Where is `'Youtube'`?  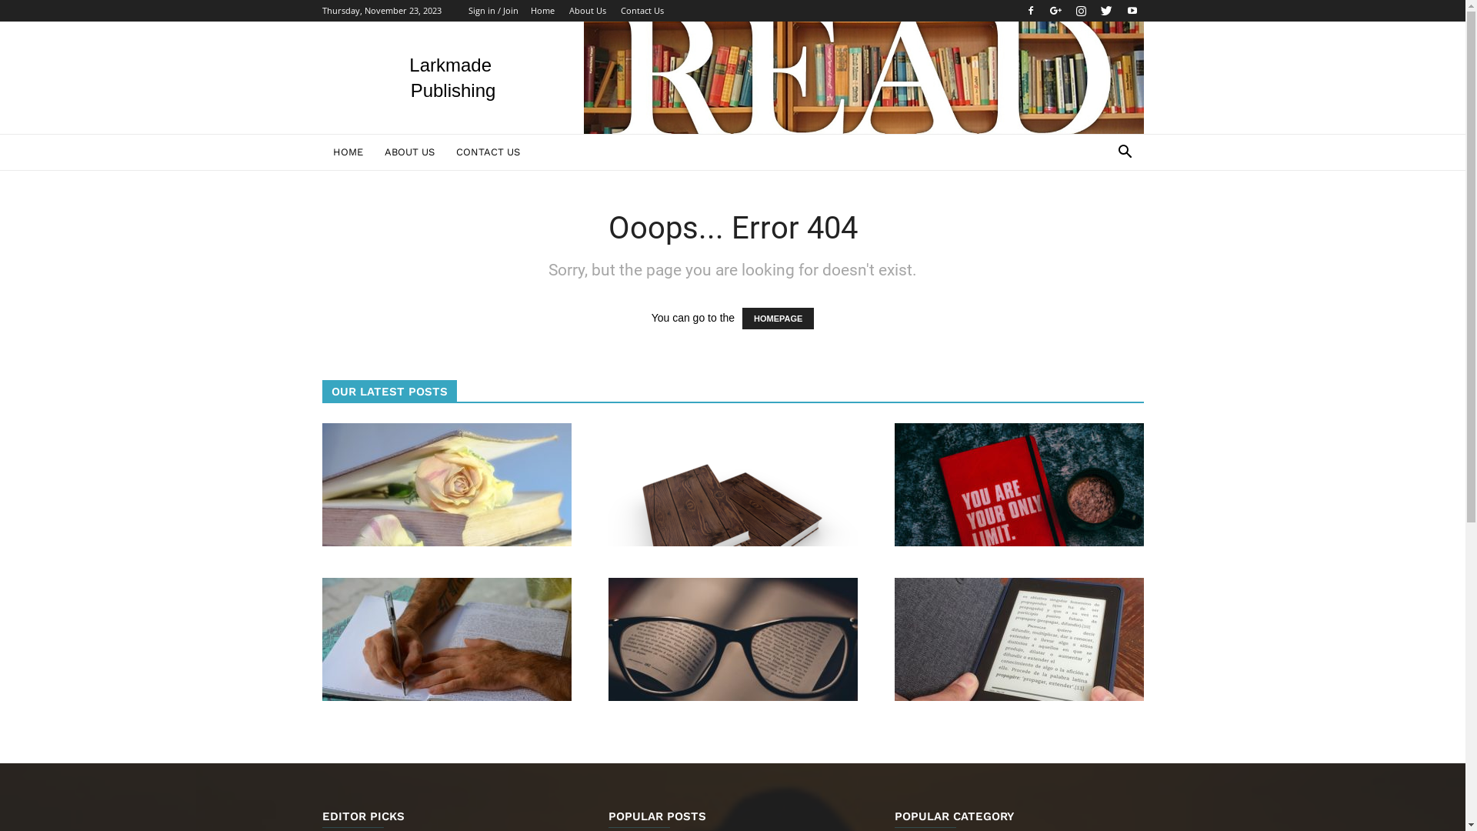
'Youtube' is located at coordinates (1119, 11).